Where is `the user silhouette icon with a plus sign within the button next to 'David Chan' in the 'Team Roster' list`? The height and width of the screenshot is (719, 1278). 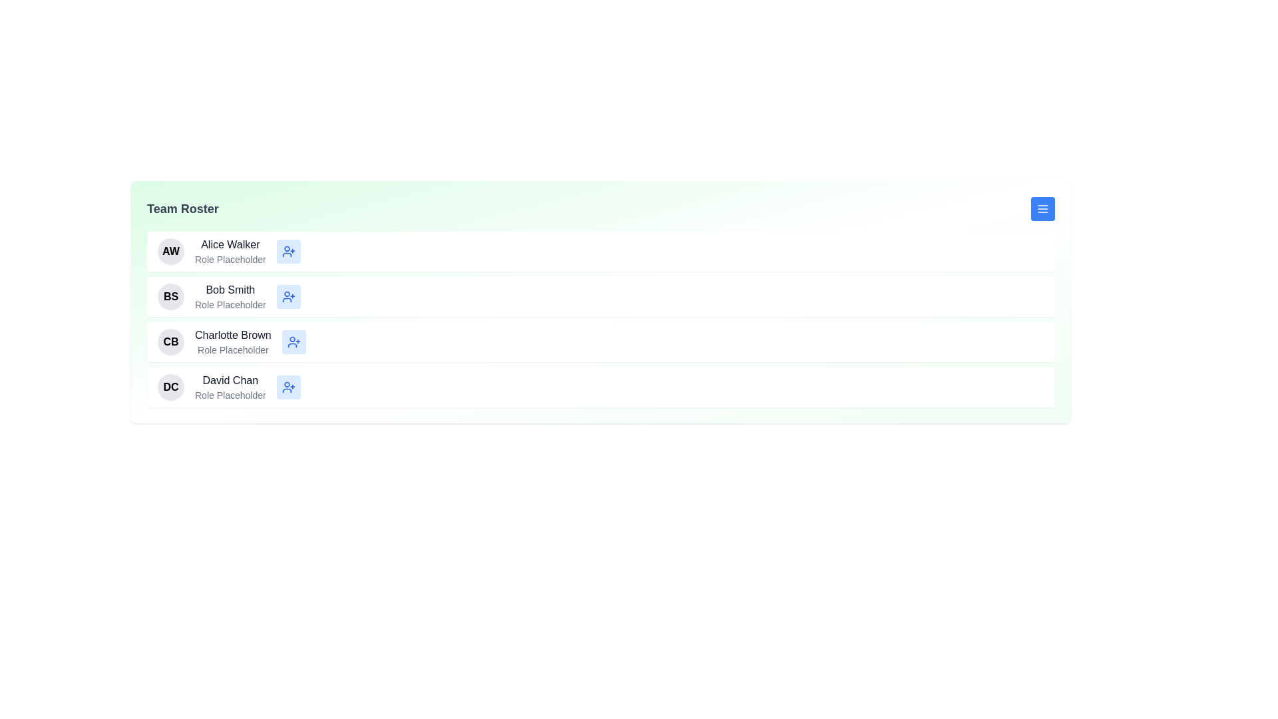
the user silhouette icon with a plus sign within the button next to 'David Chan' in the 'Team Roster' list is located at coordinates (288, 387).